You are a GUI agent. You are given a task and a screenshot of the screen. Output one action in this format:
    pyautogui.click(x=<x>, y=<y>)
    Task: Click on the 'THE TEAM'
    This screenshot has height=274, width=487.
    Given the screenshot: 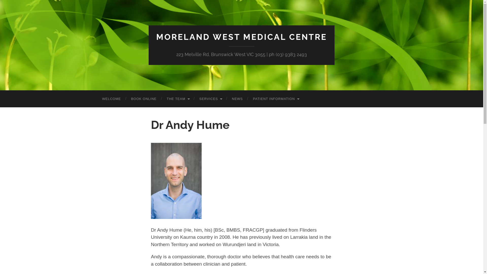 What is the action you would take?
    pyautogui.click(x=178, y=99)
    